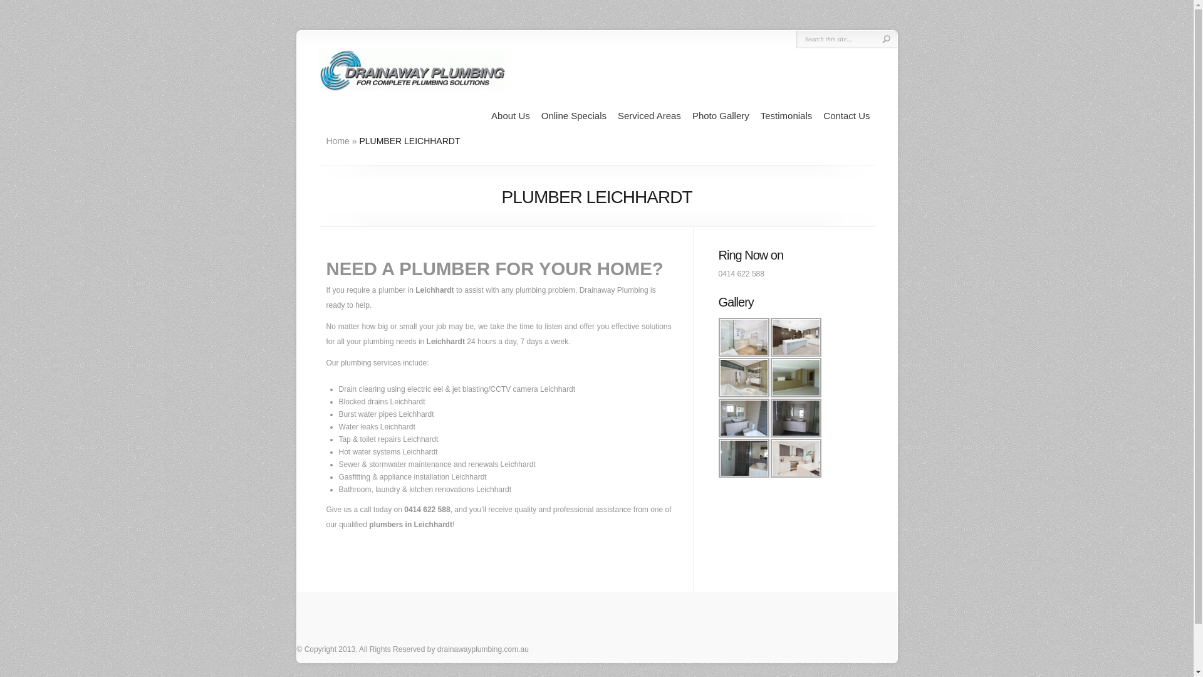 This screenshot has height=677, width=1203. What do you see at coordinates (795, 458) in the screenshot?
I see `'web_03'` at bounding box center [795, 458].